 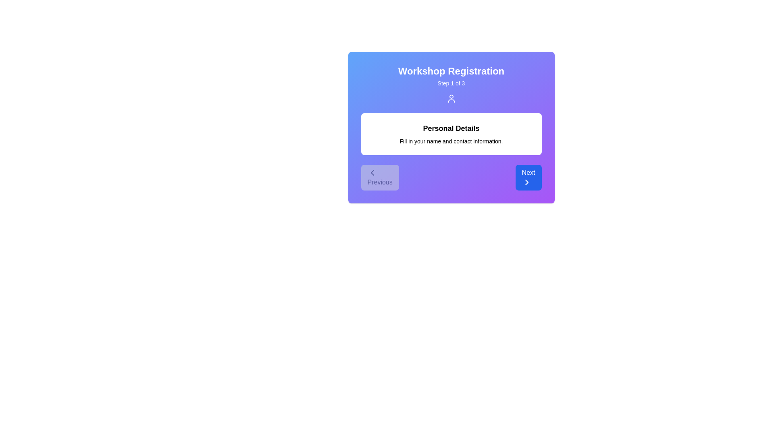 What do you see at coordinates (451, 133) in the screenshot?
I see `the text block providing guidance for the registration process, located below the title 'Workshop Registration' and above the buttons 'Previous' and 'Next'` at bounding box center [451, 133].